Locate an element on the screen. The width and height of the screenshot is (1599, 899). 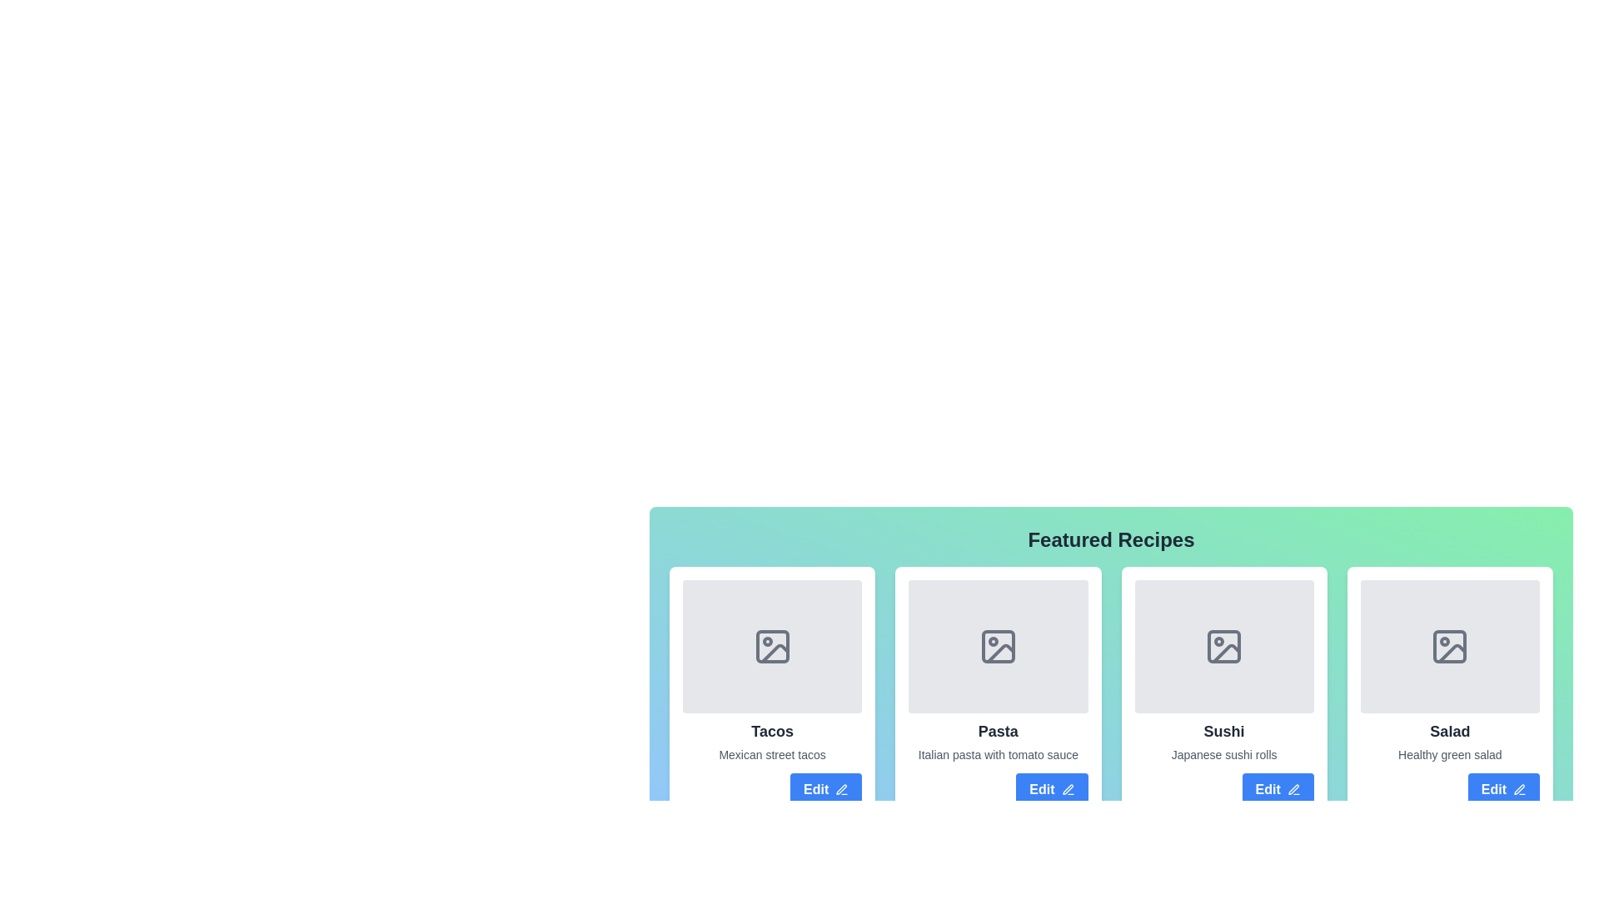
the edit icon within the 'Edit' button of the 'Salad' card to initiate the edit action is located at coordinates (1519, 788).